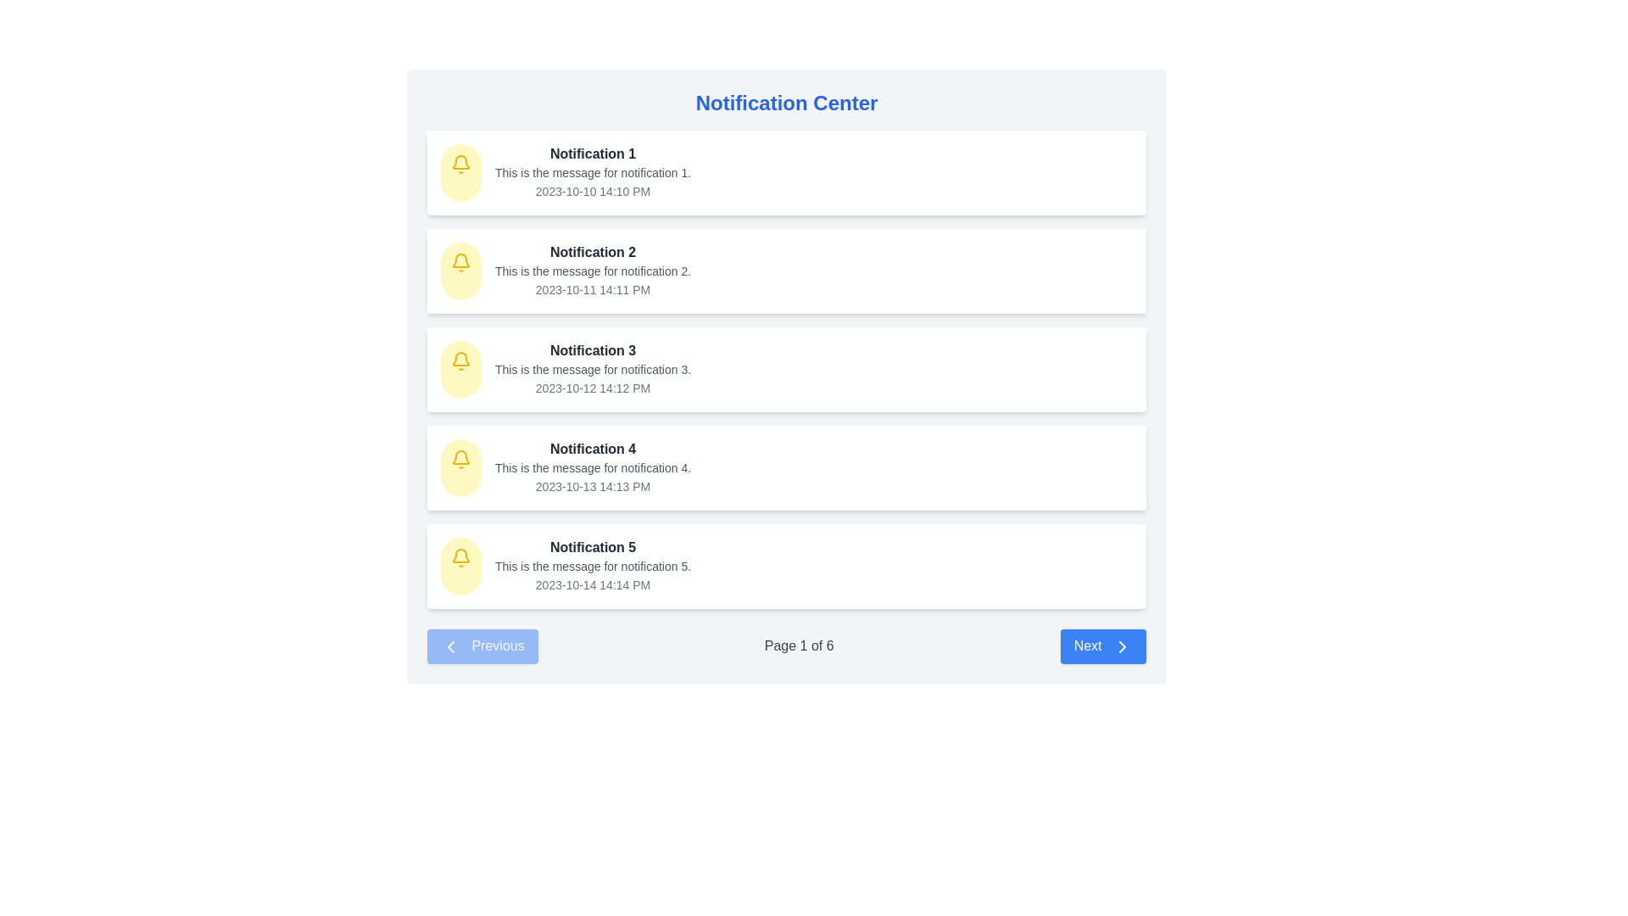 Image resolution: width=1628 pixels, height=916 pixels. What do you see at coordinates (593, 191) in the screenshot?
I see `the timestamp text '2023-10-10 14:10 PM' located at the bottom right corner of the 'Notification 1' card` at bounding box center [593, 191].